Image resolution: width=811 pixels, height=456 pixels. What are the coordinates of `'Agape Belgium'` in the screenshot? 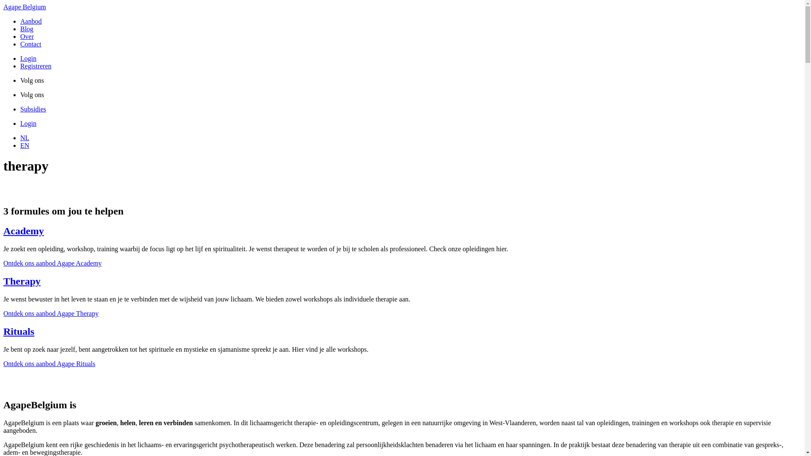 It's located at (24, 7).